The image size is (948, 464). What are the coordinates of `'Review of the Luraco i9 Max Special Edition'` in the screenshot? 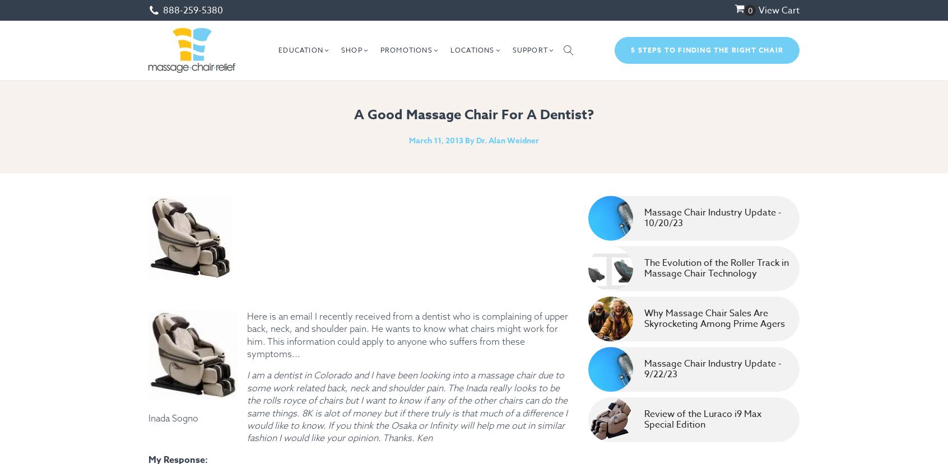 It's located at (703, 418).